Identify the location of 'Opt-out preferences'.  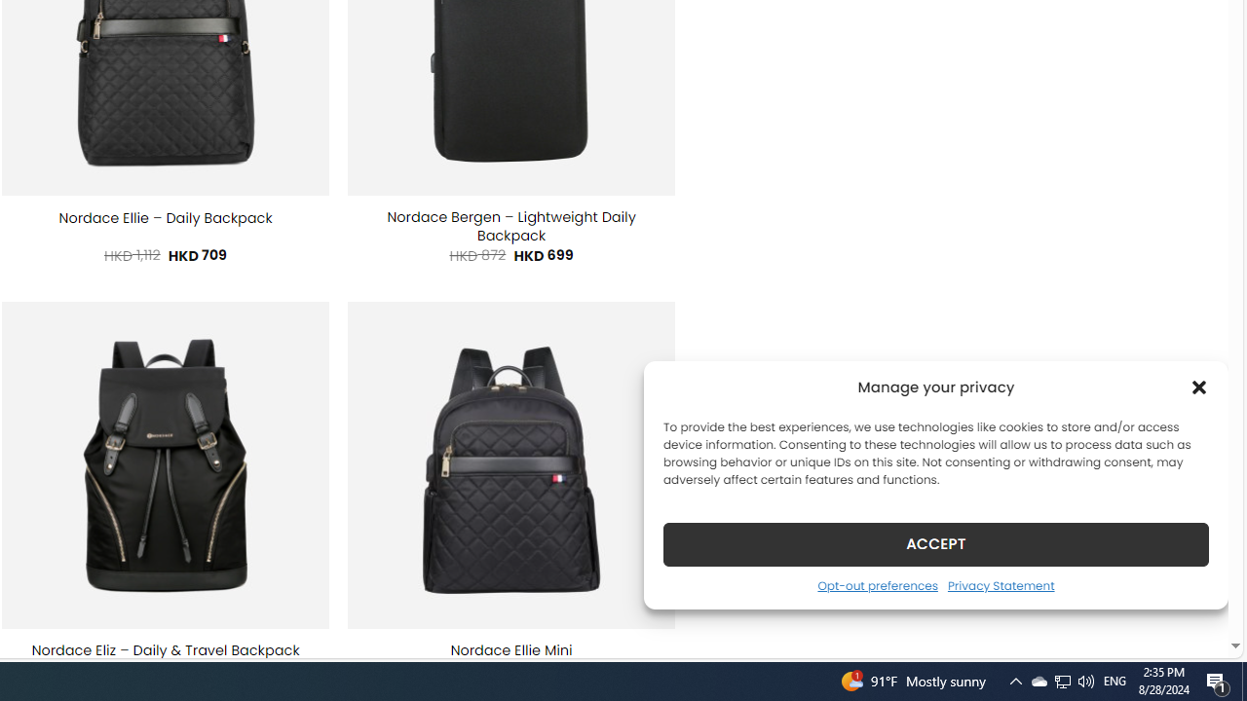
(876, 584).